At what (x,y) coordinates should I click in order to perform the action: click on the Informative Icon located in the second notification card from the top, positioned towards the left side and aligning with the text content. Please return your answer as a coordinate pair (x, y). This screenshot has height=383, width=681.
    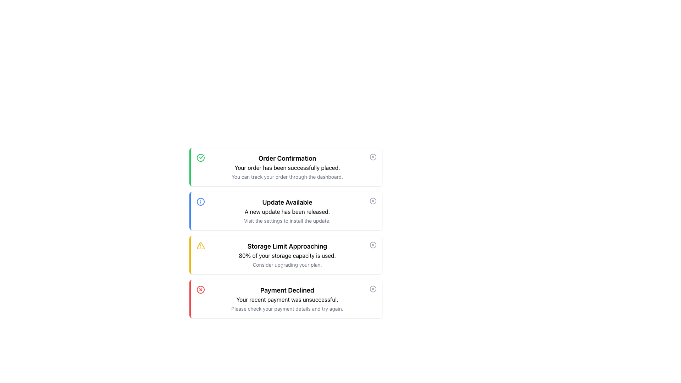
    Looking at the image, I should click on (200, 202).